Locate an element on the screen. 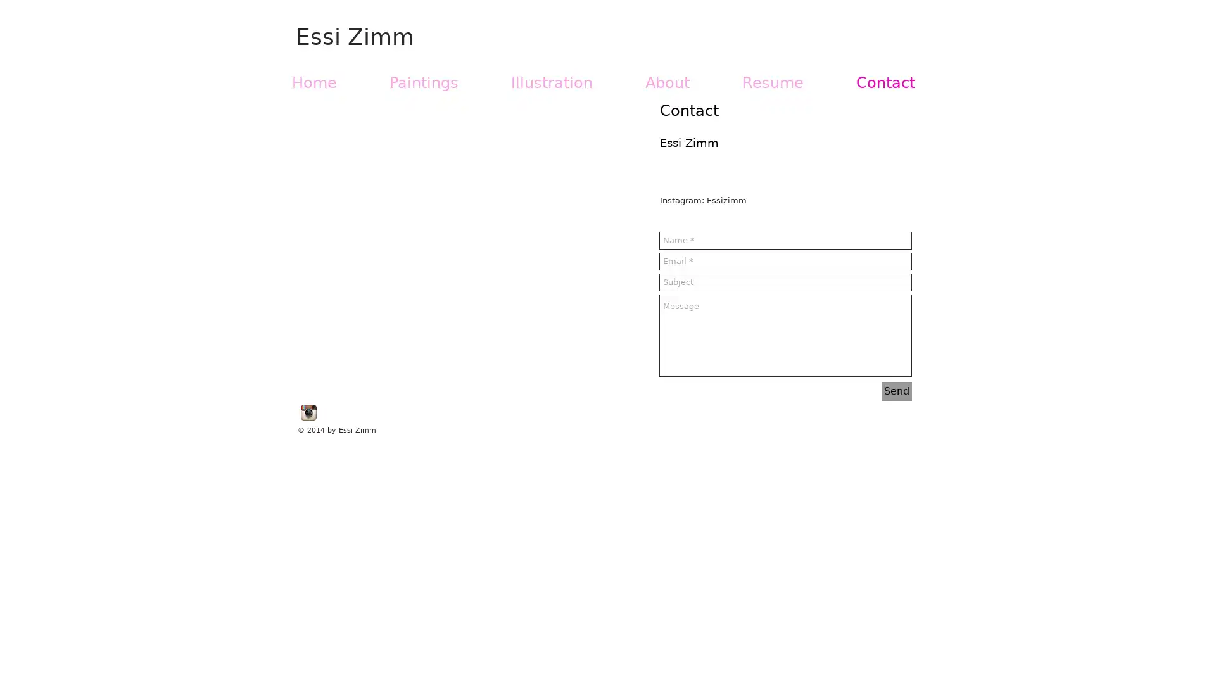 The width and height of the screenshot is (1216, 684). Send is located at coordinates (896, 390).